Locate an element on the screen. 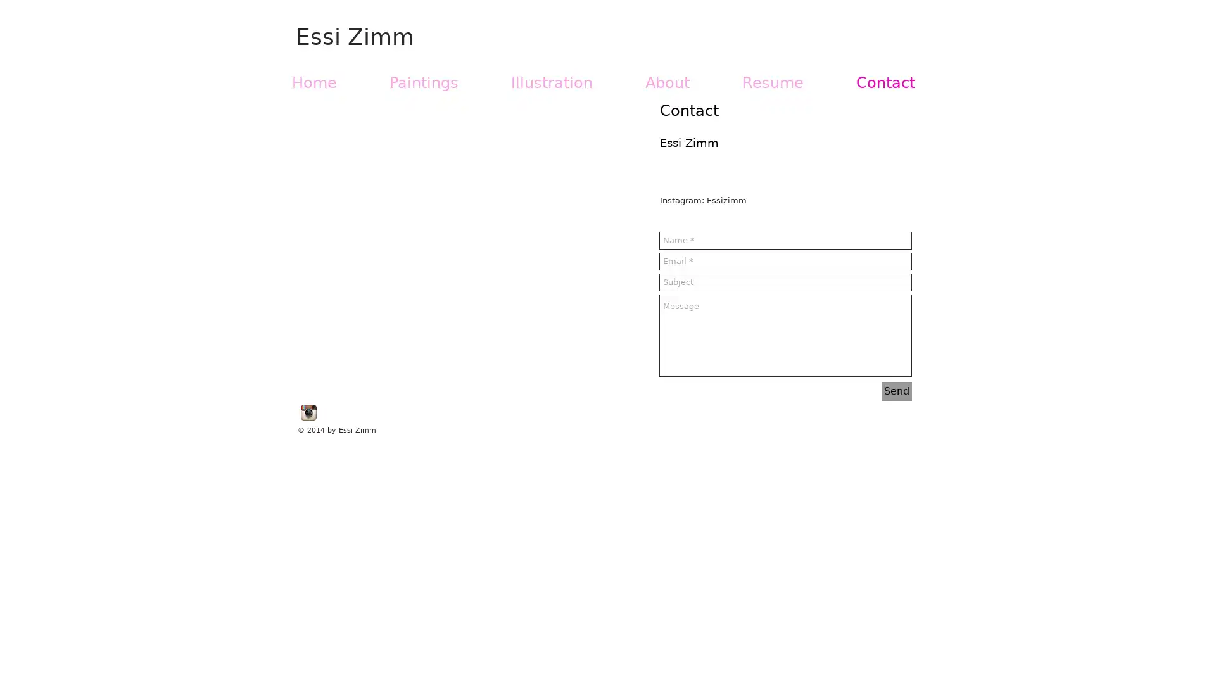 The width and height of the screenshot is (1216, 684). Send is located at coordinates (896, 390).